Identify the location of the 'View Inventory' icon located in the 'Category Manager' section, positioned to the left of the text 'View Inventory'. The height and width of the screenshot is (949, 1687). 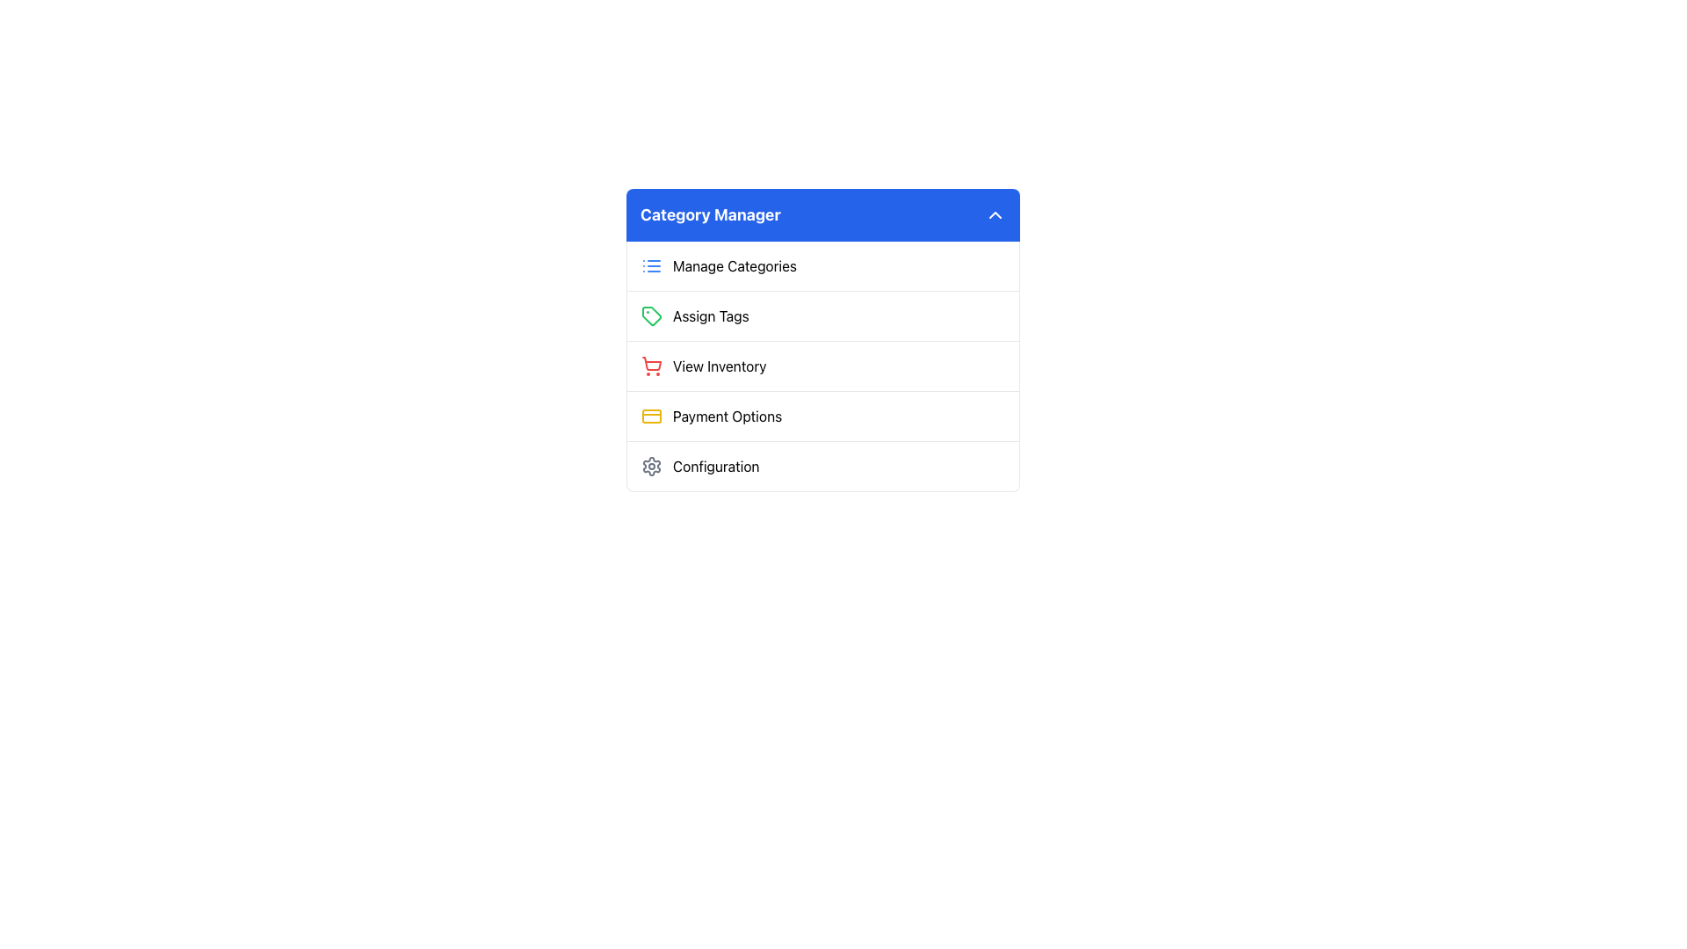
(651, 365).